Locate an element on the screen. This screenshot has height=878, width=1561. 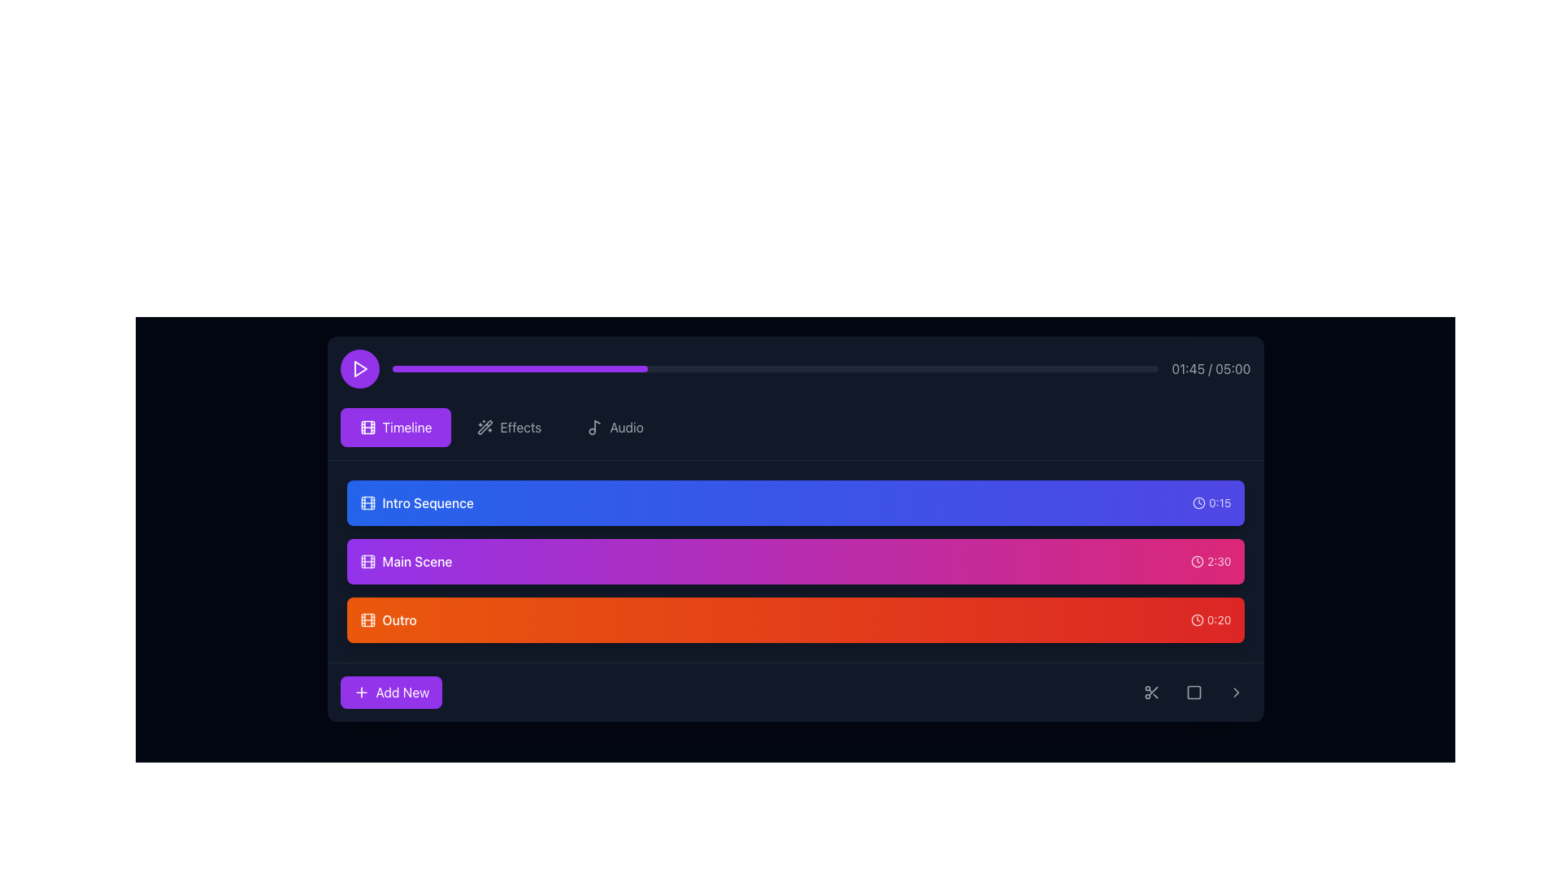
the label displaying the value '2:30', which is styled with light text on a translucent background and positioned next to a clock icon is located at coordinates (1211, 560).